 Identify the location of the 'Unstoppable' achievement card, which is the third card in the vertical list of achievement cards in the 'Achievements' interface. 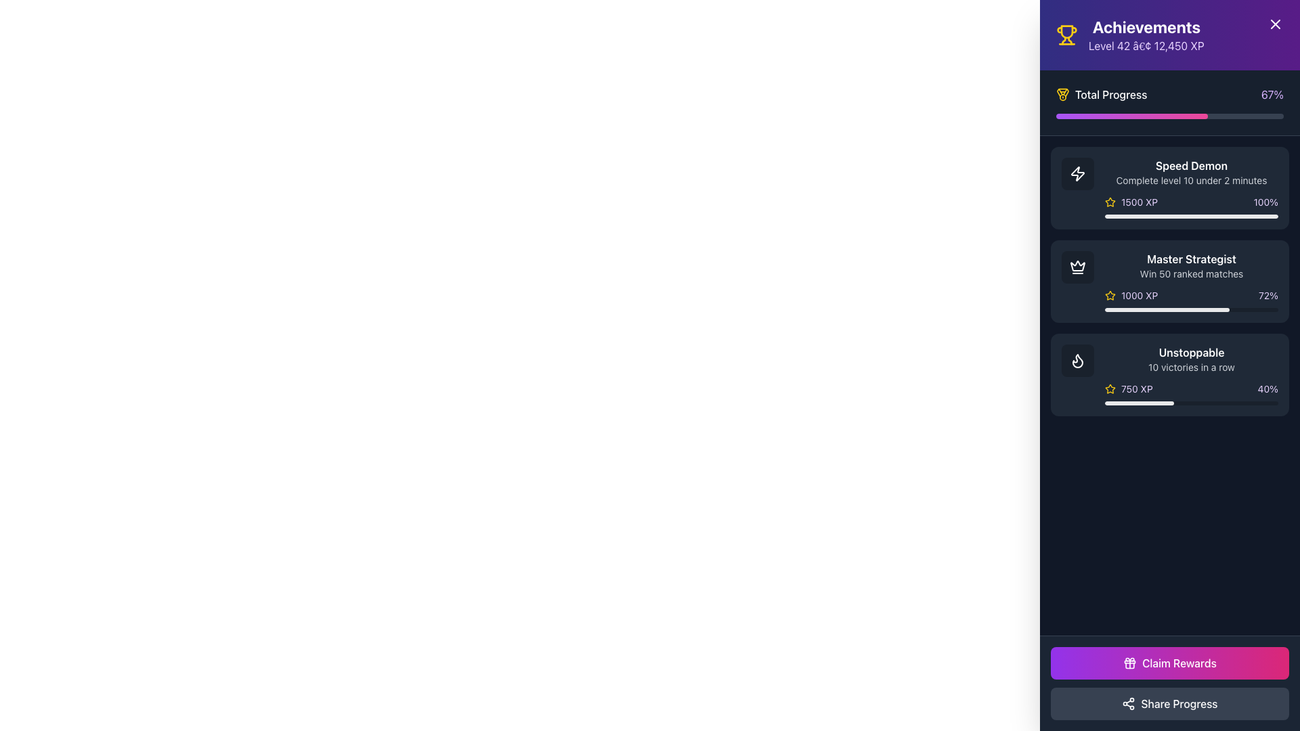
(1192, 375).